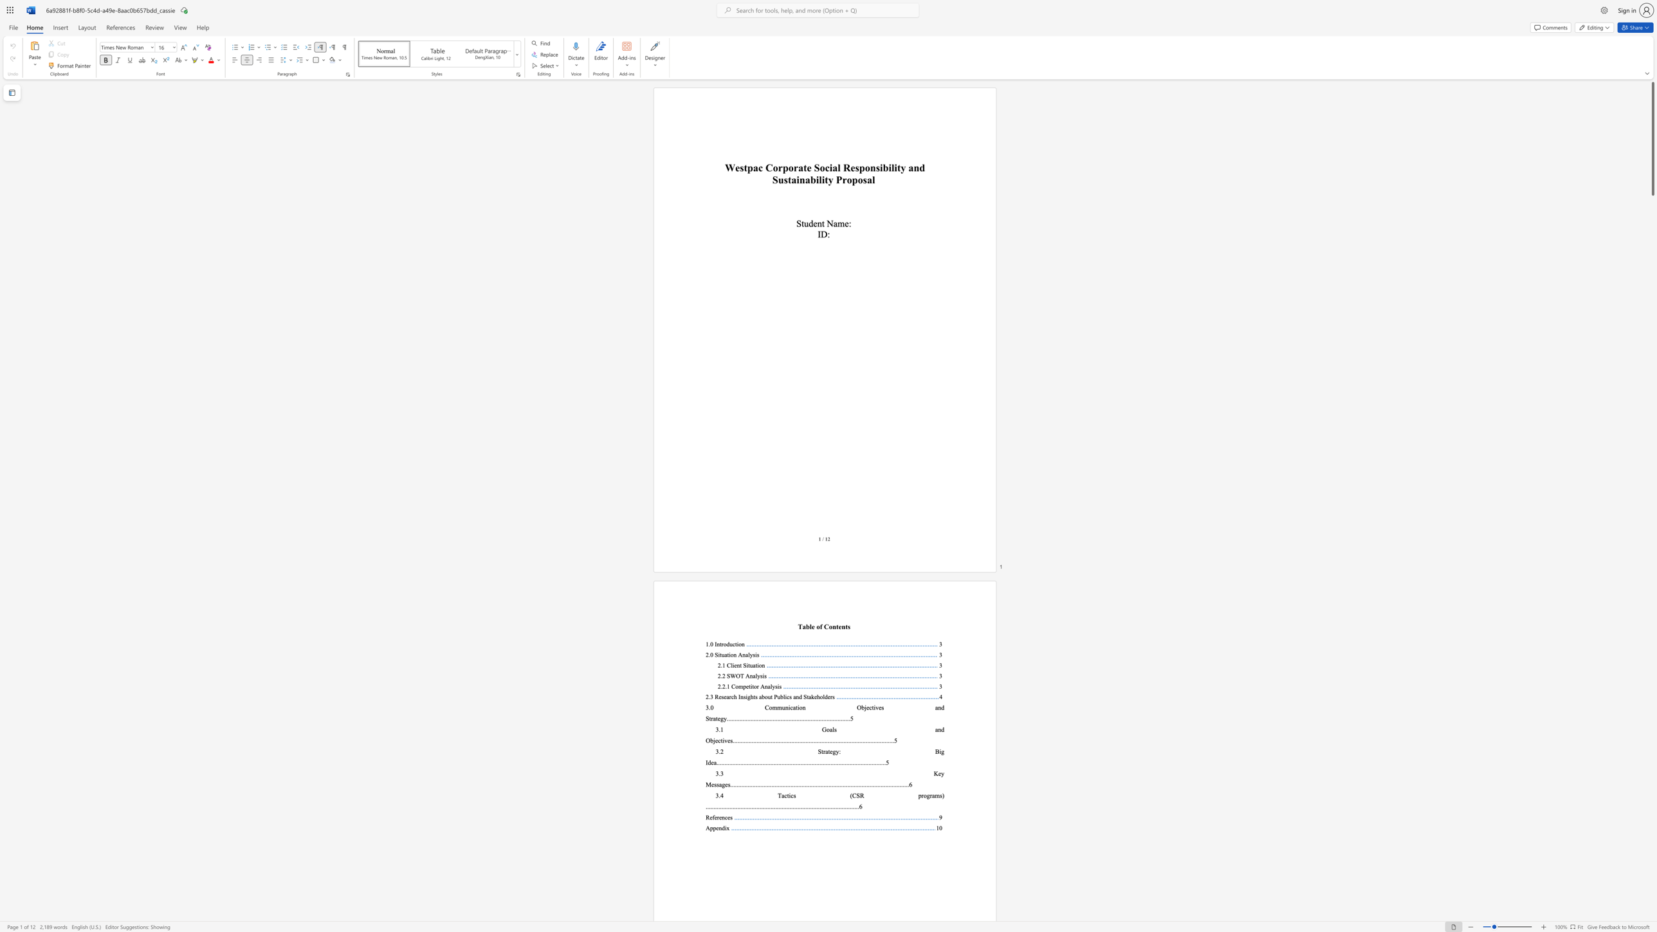 The width and height of the screenshot is (1657, 932). What do you see at coordinates (764, 665) in the screenshot?
I see `the 2th character "n" in the text` at bounding box center [764, 665].